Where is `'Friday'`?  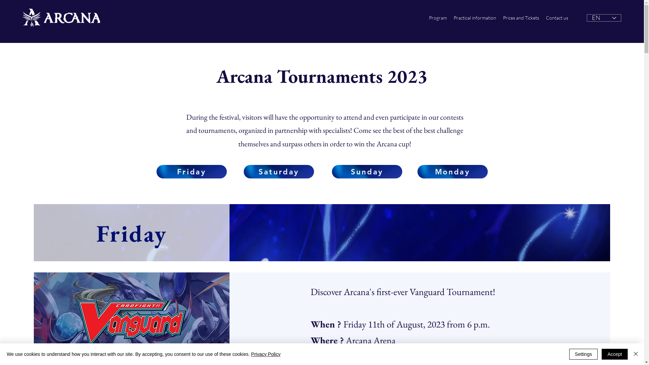
'Friday' is located at coordinates (155, 171).